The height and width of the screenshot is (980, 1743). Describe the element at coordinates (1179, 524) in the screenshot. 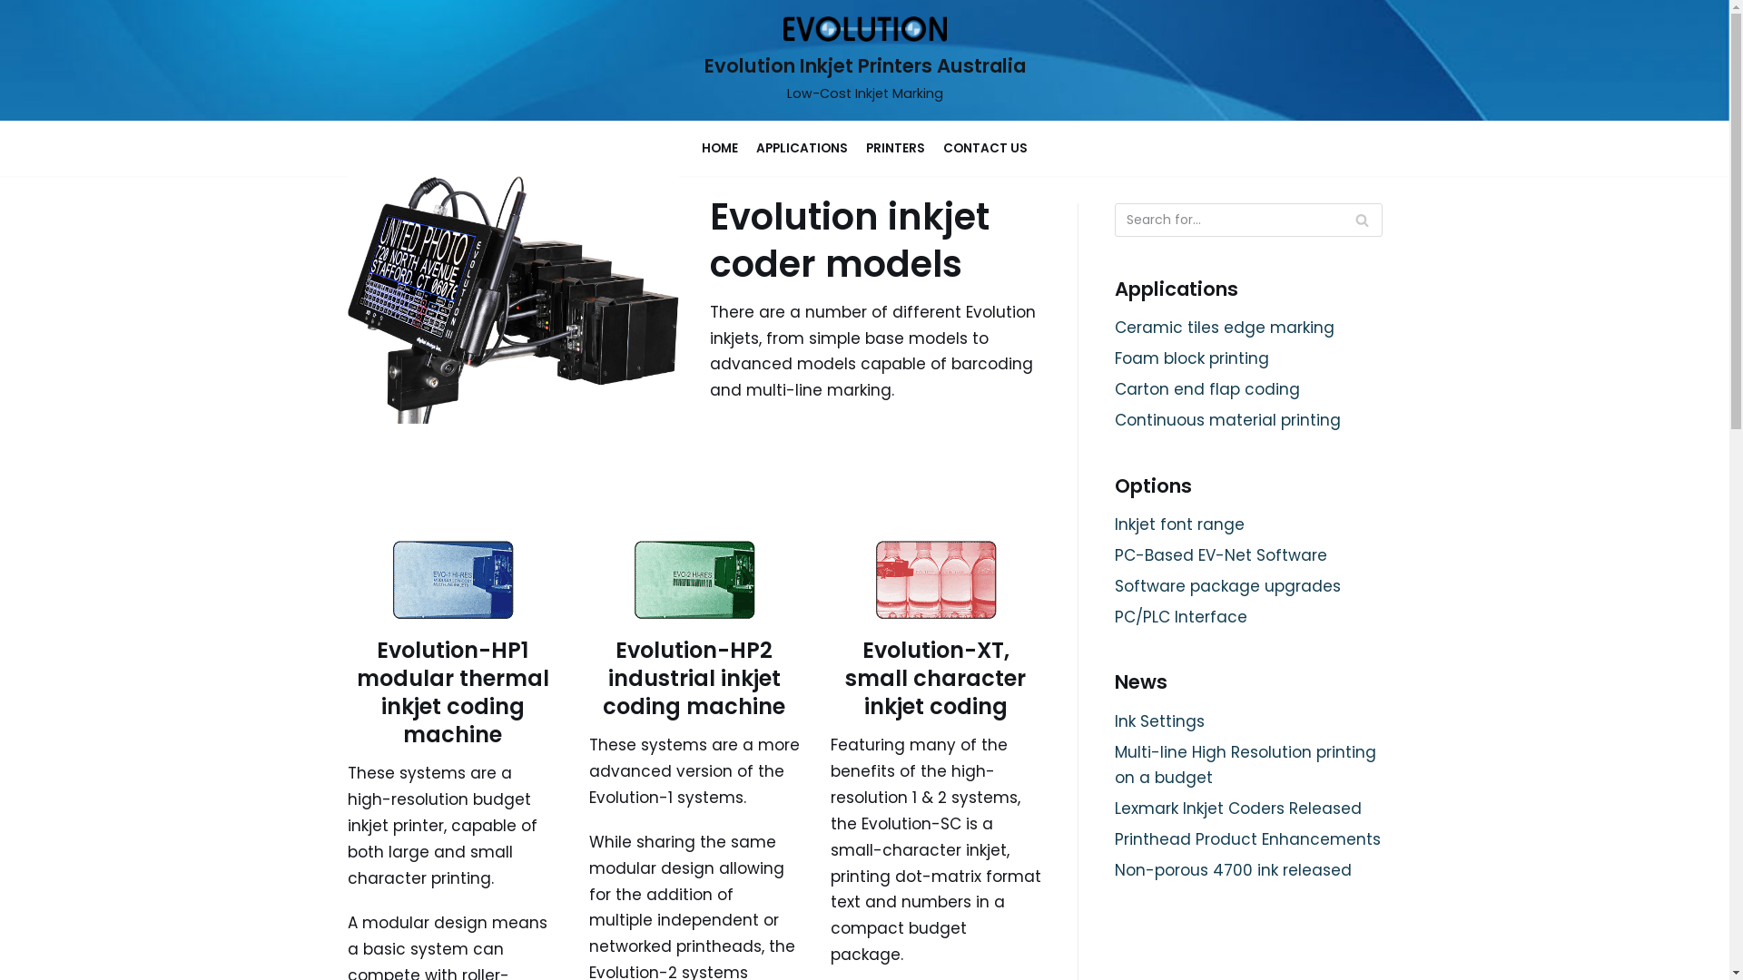

I see `'Inkjet font range'` at that location.